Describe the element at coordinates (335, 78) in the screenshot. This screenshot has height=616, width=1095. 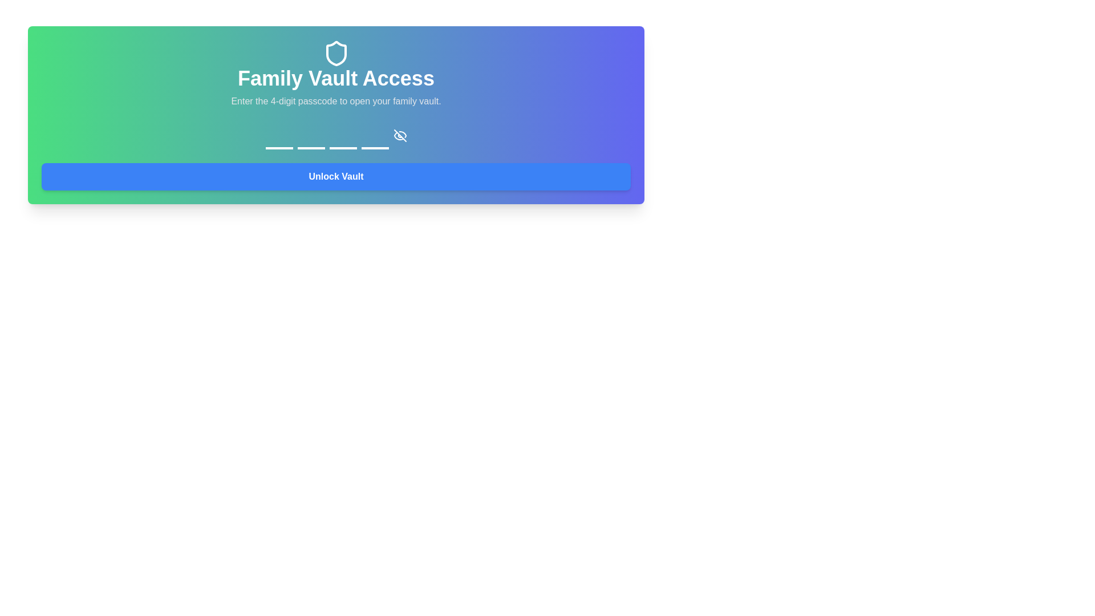
I see `the text header displaying 'Family Vault Access' which is styled in bold white font and is centered within a gradient background transitioning from green to blue` at that location.